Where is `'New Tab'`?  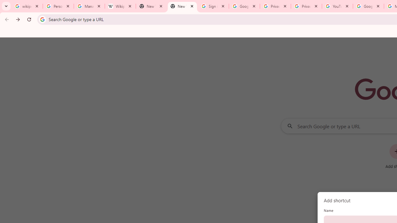 'New Tab' is located at coordinates (182, 6).